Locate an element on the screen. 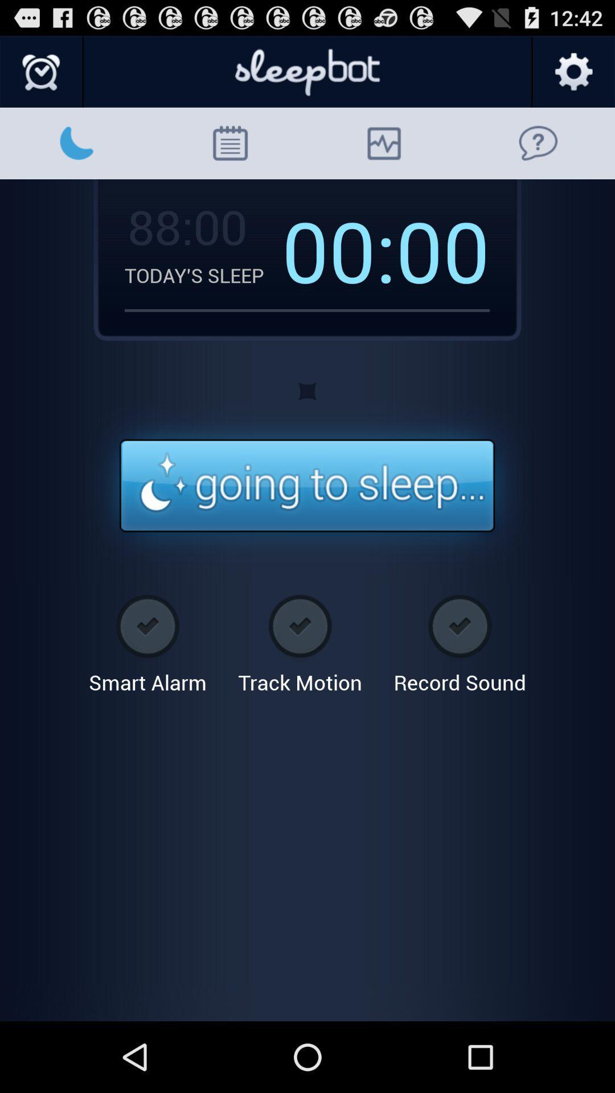  open settings tool is located at coordinates (573, 72).